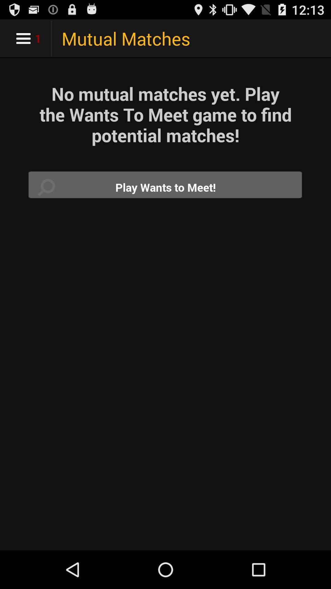  What do you see at coordinates (165, 187) in the screenshot?
I see `search for match` at bounding box center [165, 187].